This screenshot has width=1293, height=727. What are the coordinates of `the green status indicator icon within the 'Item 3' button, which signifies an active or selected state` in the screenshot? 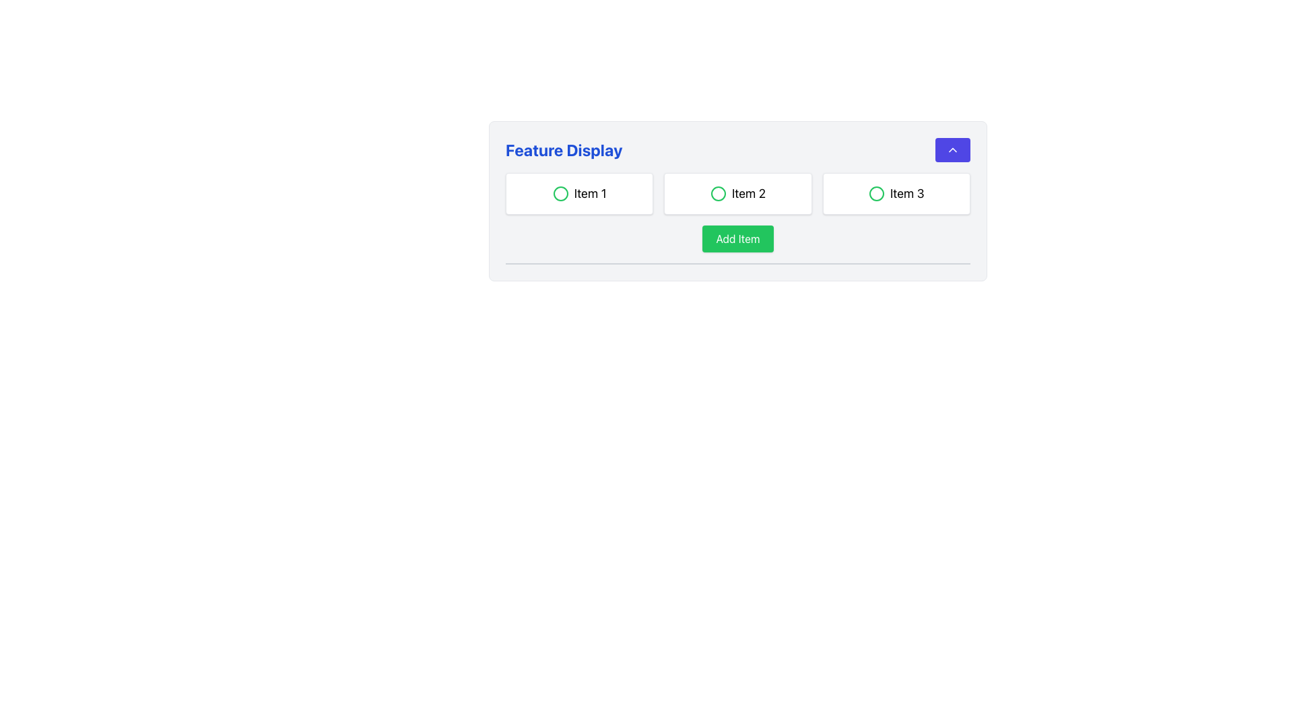 It's located at (876, 194).